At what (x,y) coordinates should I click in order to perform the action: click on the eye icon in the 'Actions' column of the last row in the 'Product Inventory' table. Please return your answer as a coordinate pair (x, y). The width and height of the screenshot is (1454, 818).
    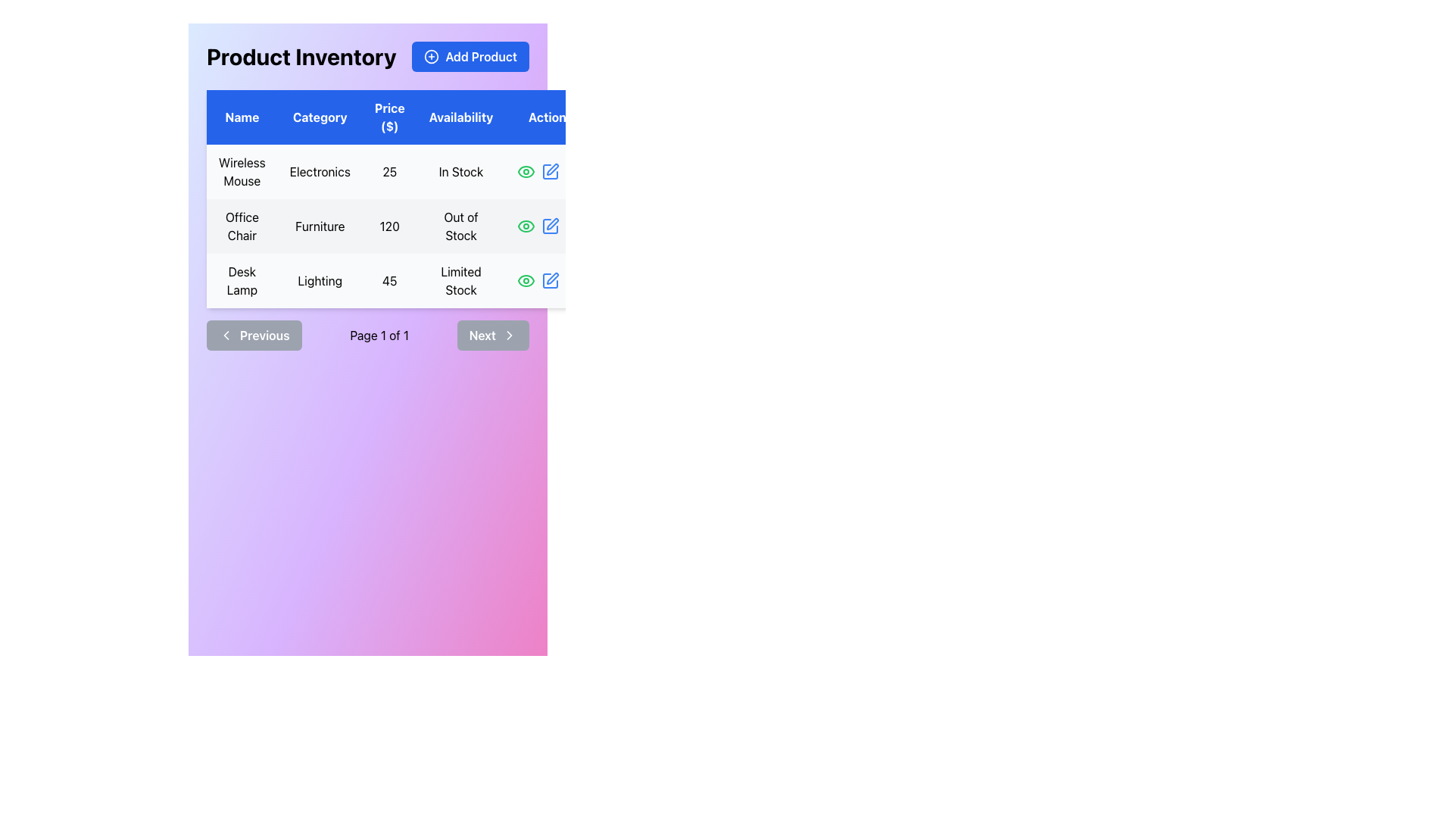
    Looking at the image, I should click on (526, 280).